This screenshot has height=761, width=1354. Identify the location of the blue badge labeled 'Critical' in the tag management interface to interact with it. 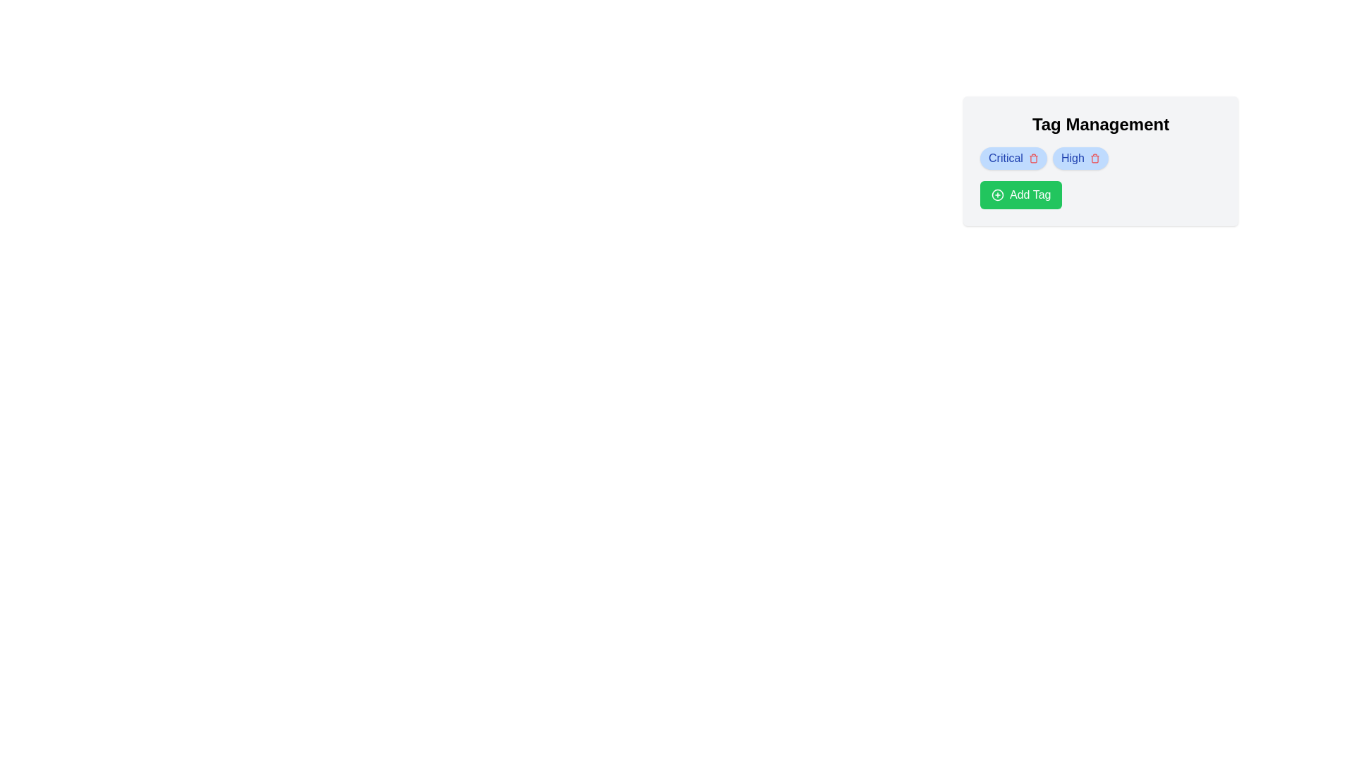
(1013, 158).